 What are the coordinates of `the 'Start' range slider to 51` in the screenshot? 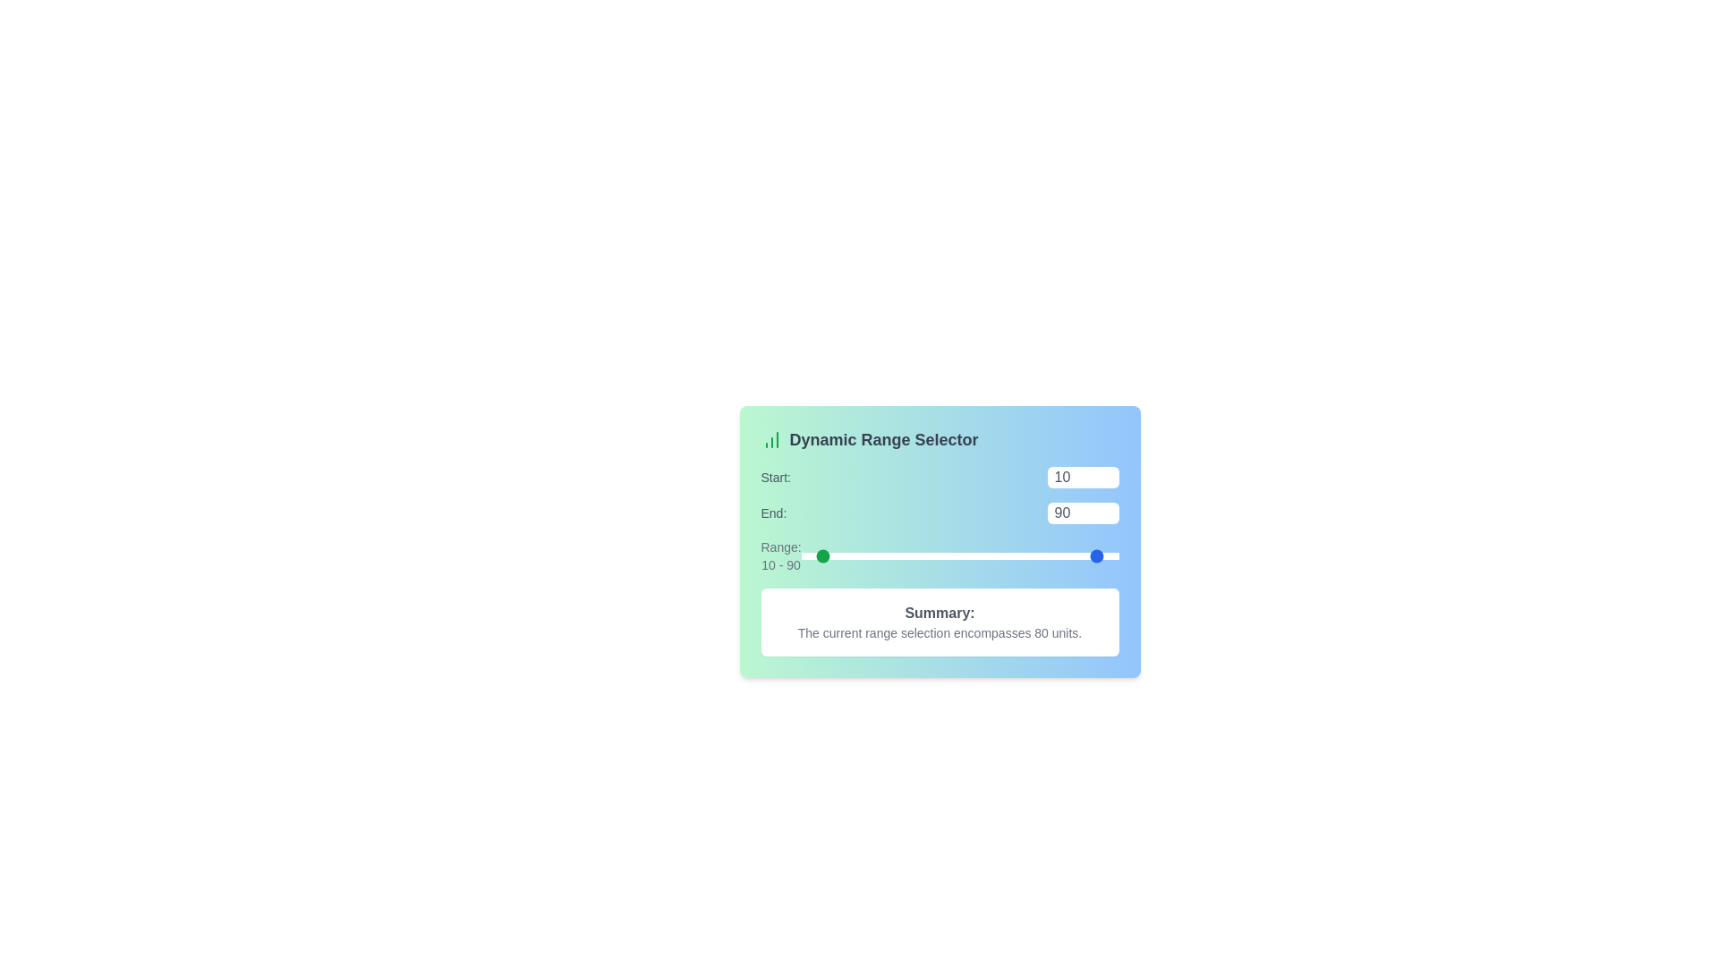 It's located at (882, 555).